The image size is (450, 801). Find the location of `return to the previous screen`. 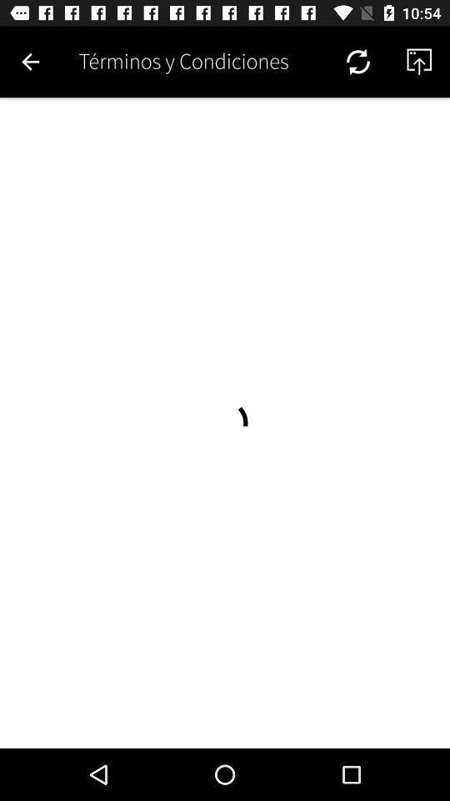

return to the previous screen is located at coordinates (30, 62).